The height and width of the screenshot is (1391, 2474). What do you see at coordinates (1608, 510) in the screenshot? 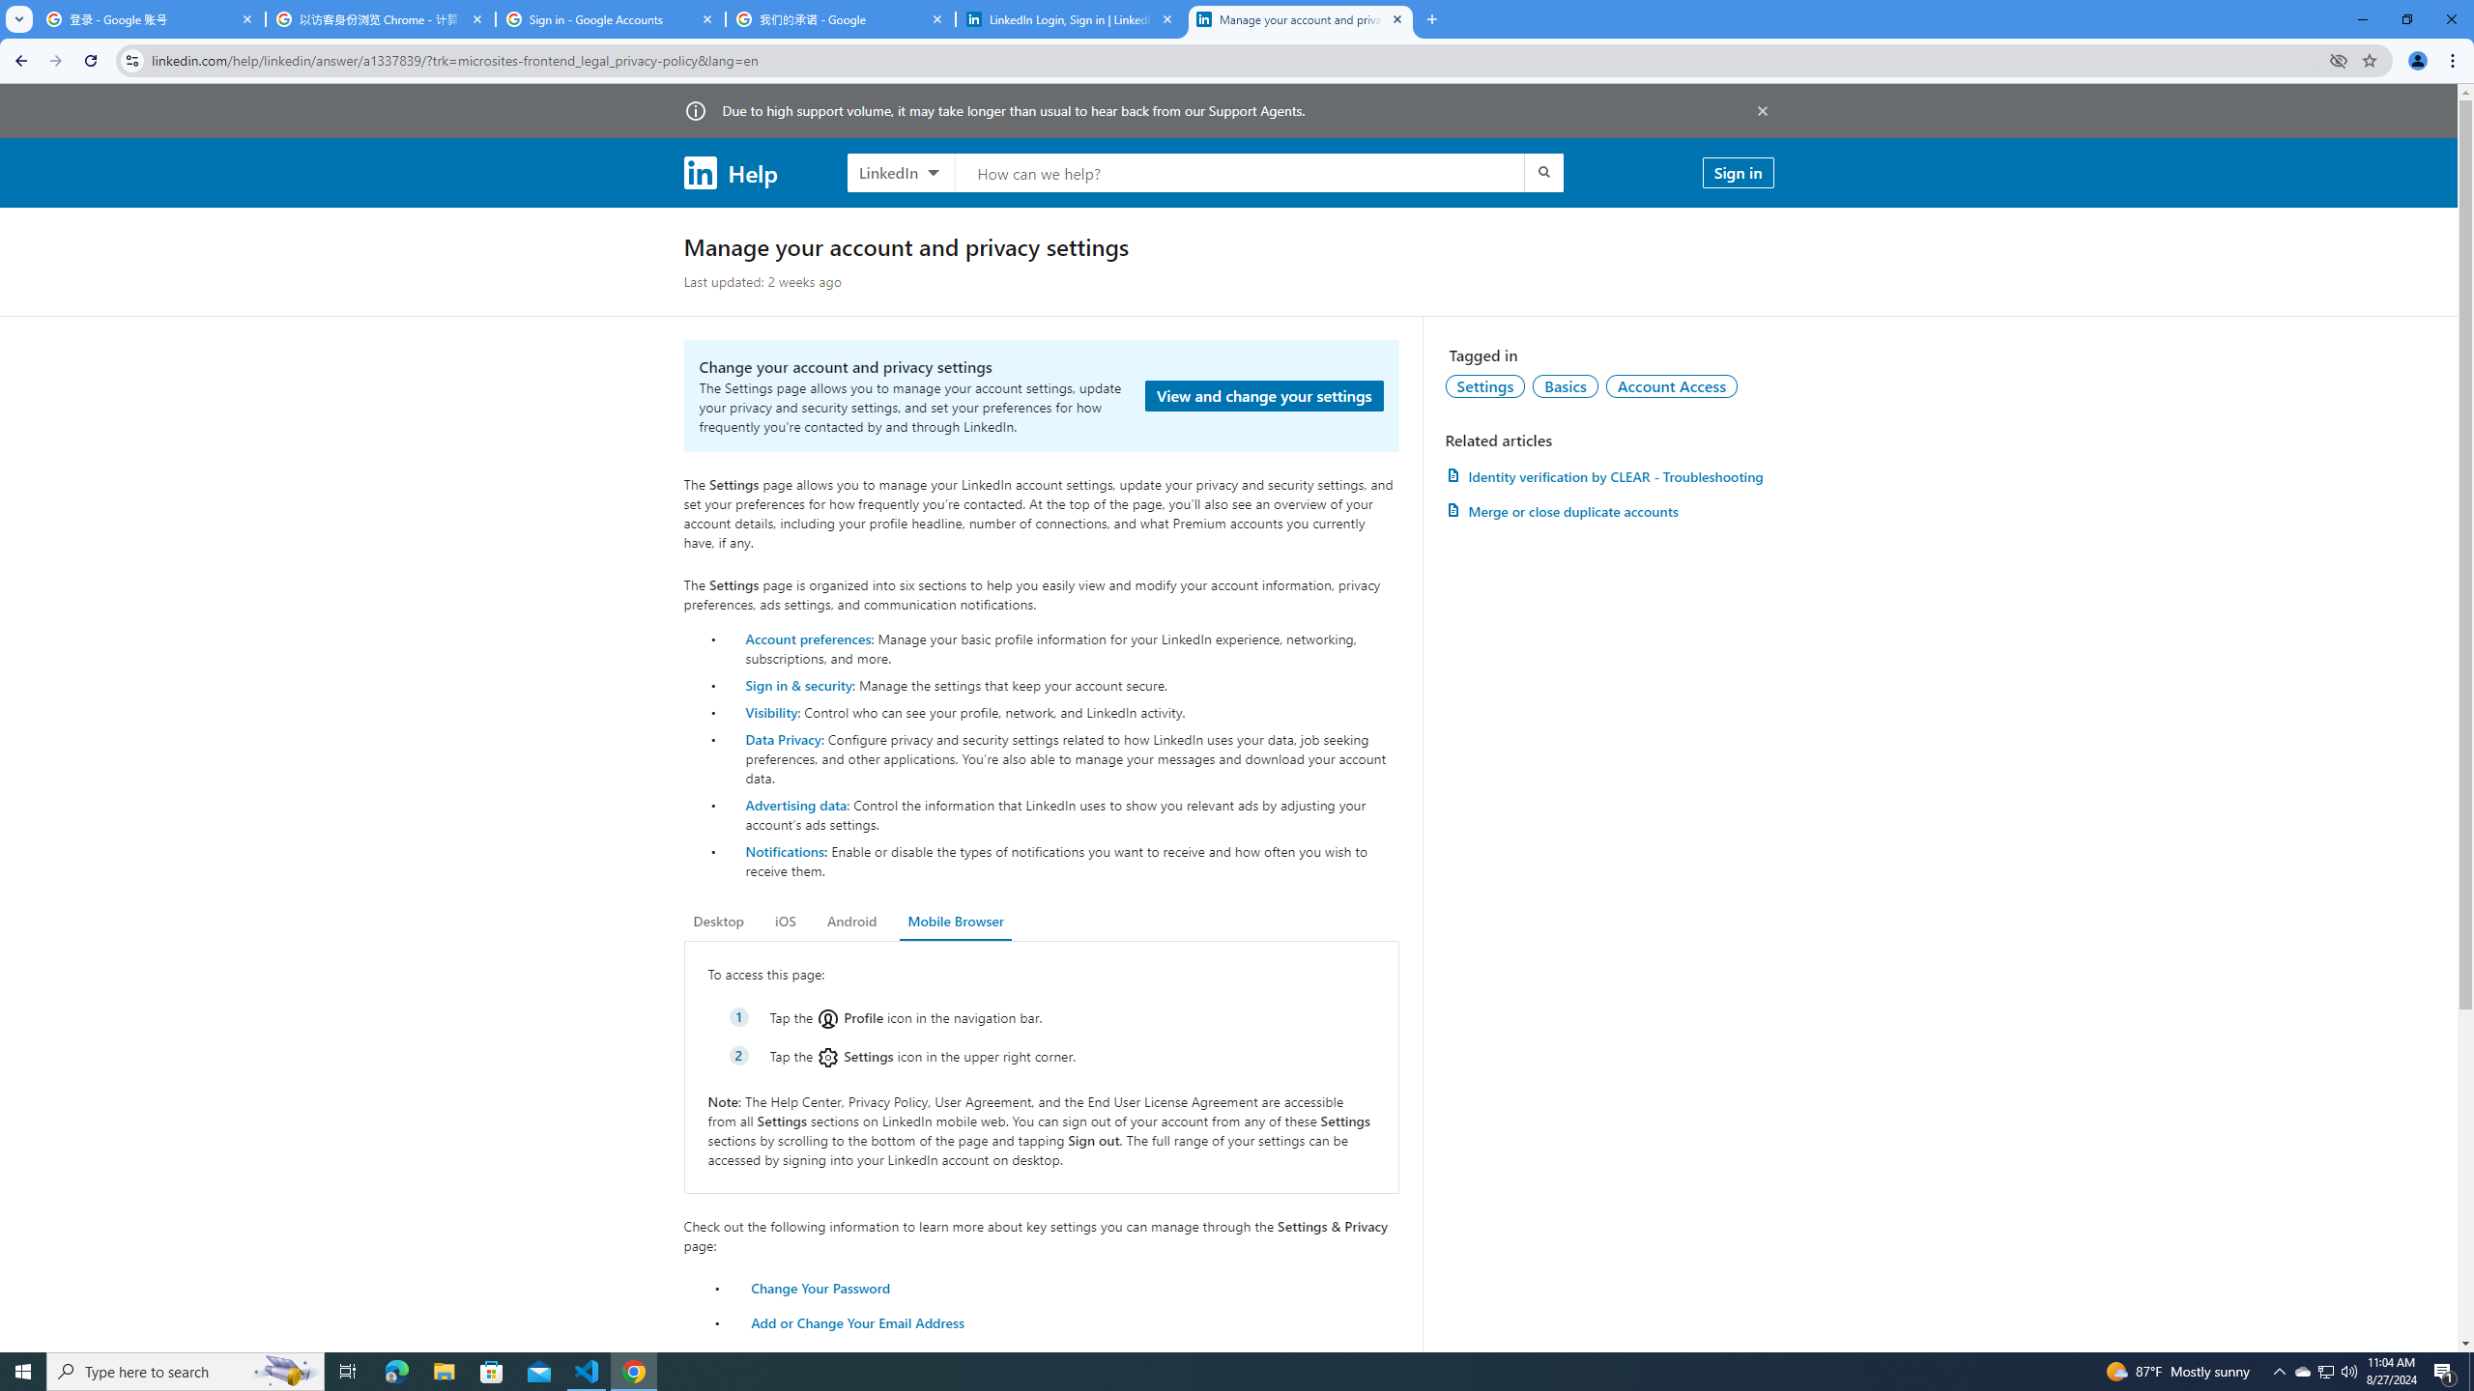
I see `'Merge or close duplicate accounts'` at bounding box center [1608, 510].